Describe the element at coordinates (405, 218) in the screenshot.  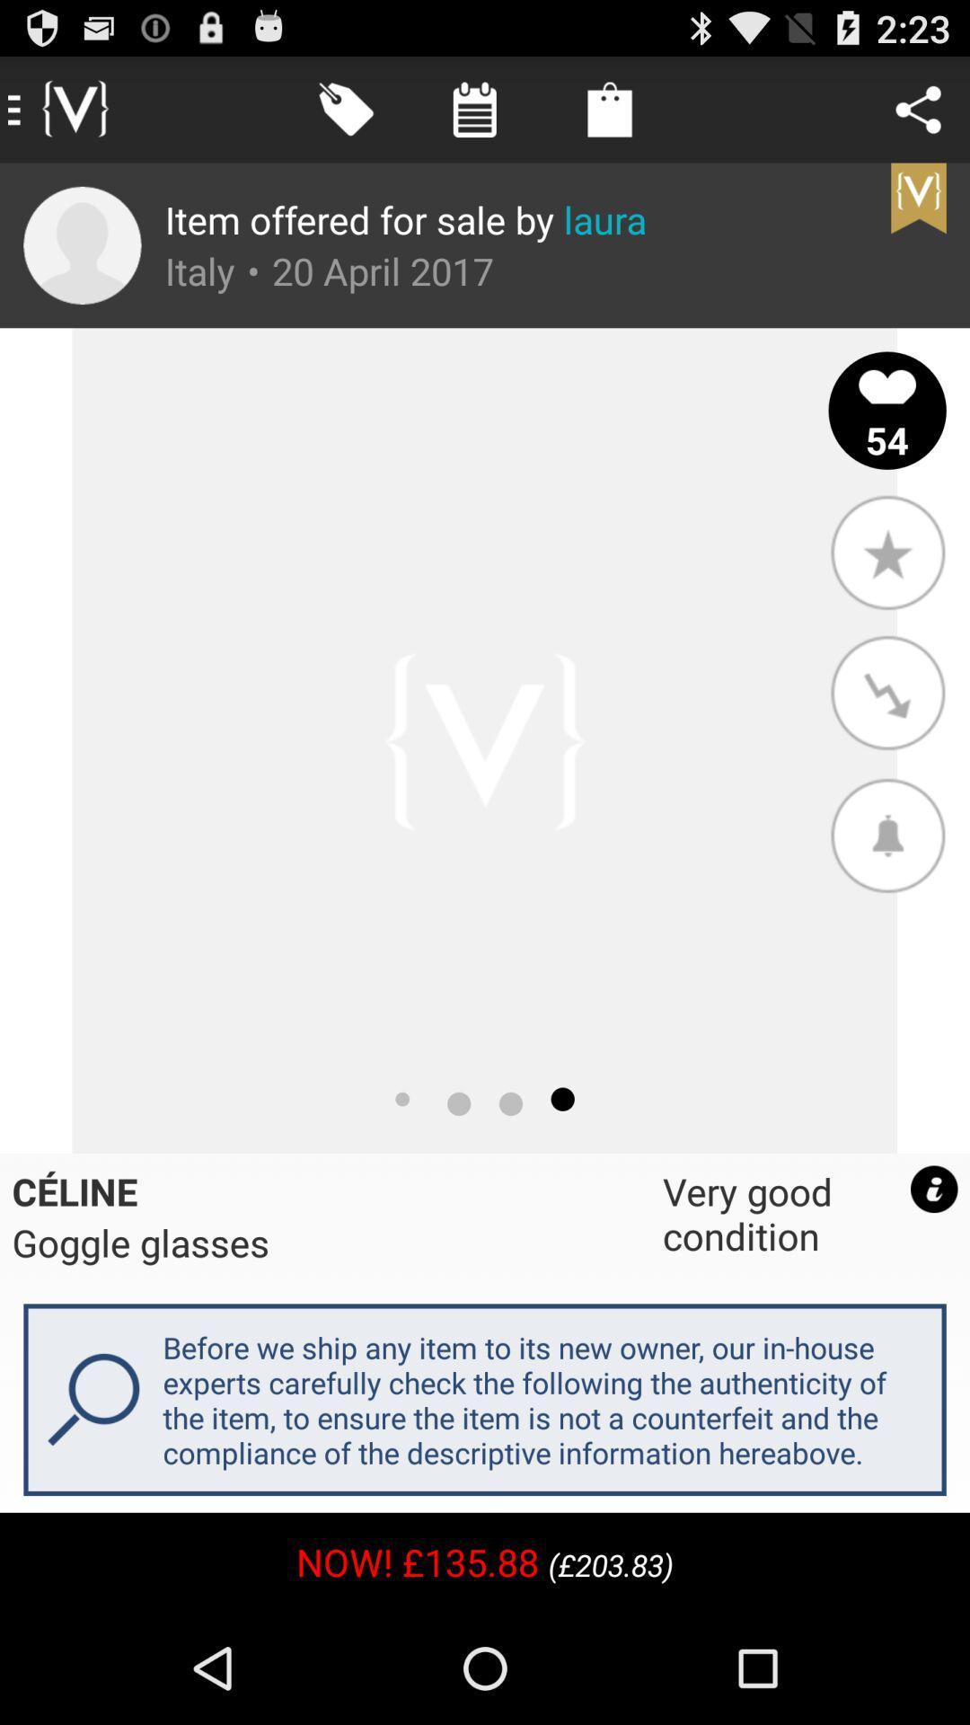
I see `the item offered for icon` at that location.